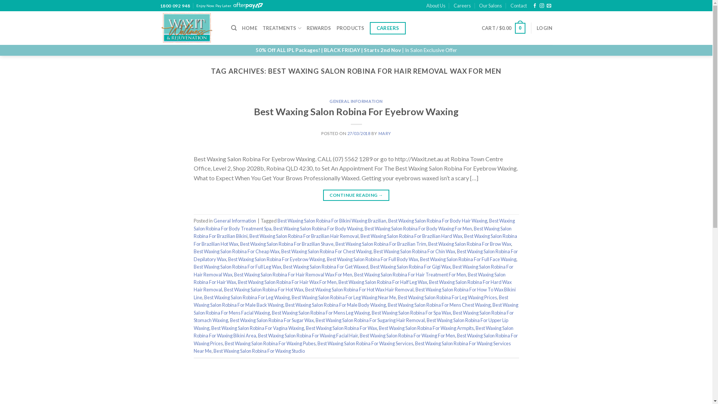  Describe the element at coordinates (229, 320) in the screenshot. I see `'Best Waxing Salon Robina For Sugar Wax'` at that location.